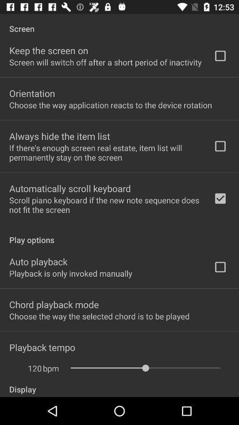  What do you see at coordinates (145, 368) in the screenshot?
I see `item to the right of bpm app` at bounding box center [145, 368].